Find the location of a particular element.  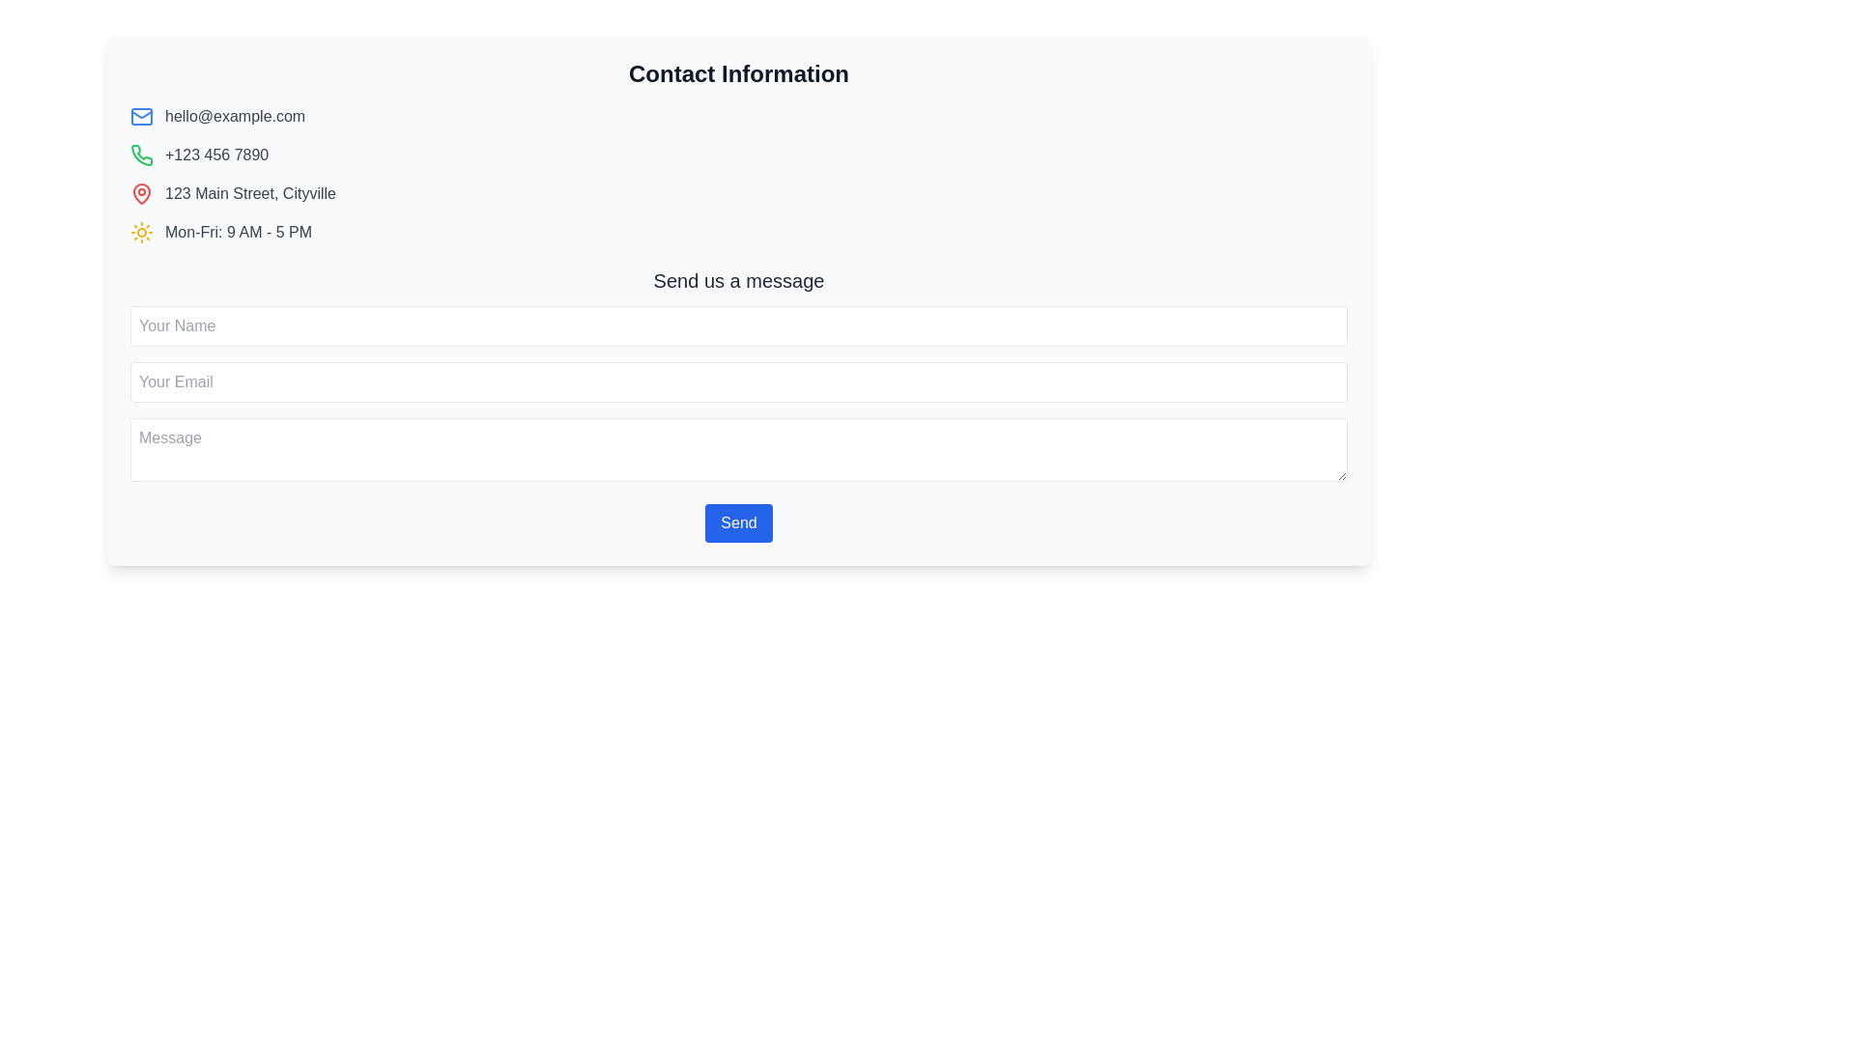

the rectangle that represents the body of the envelope icon, located near the top left corner of the interface within the SVG graphic is located at coordinates (141, 116).